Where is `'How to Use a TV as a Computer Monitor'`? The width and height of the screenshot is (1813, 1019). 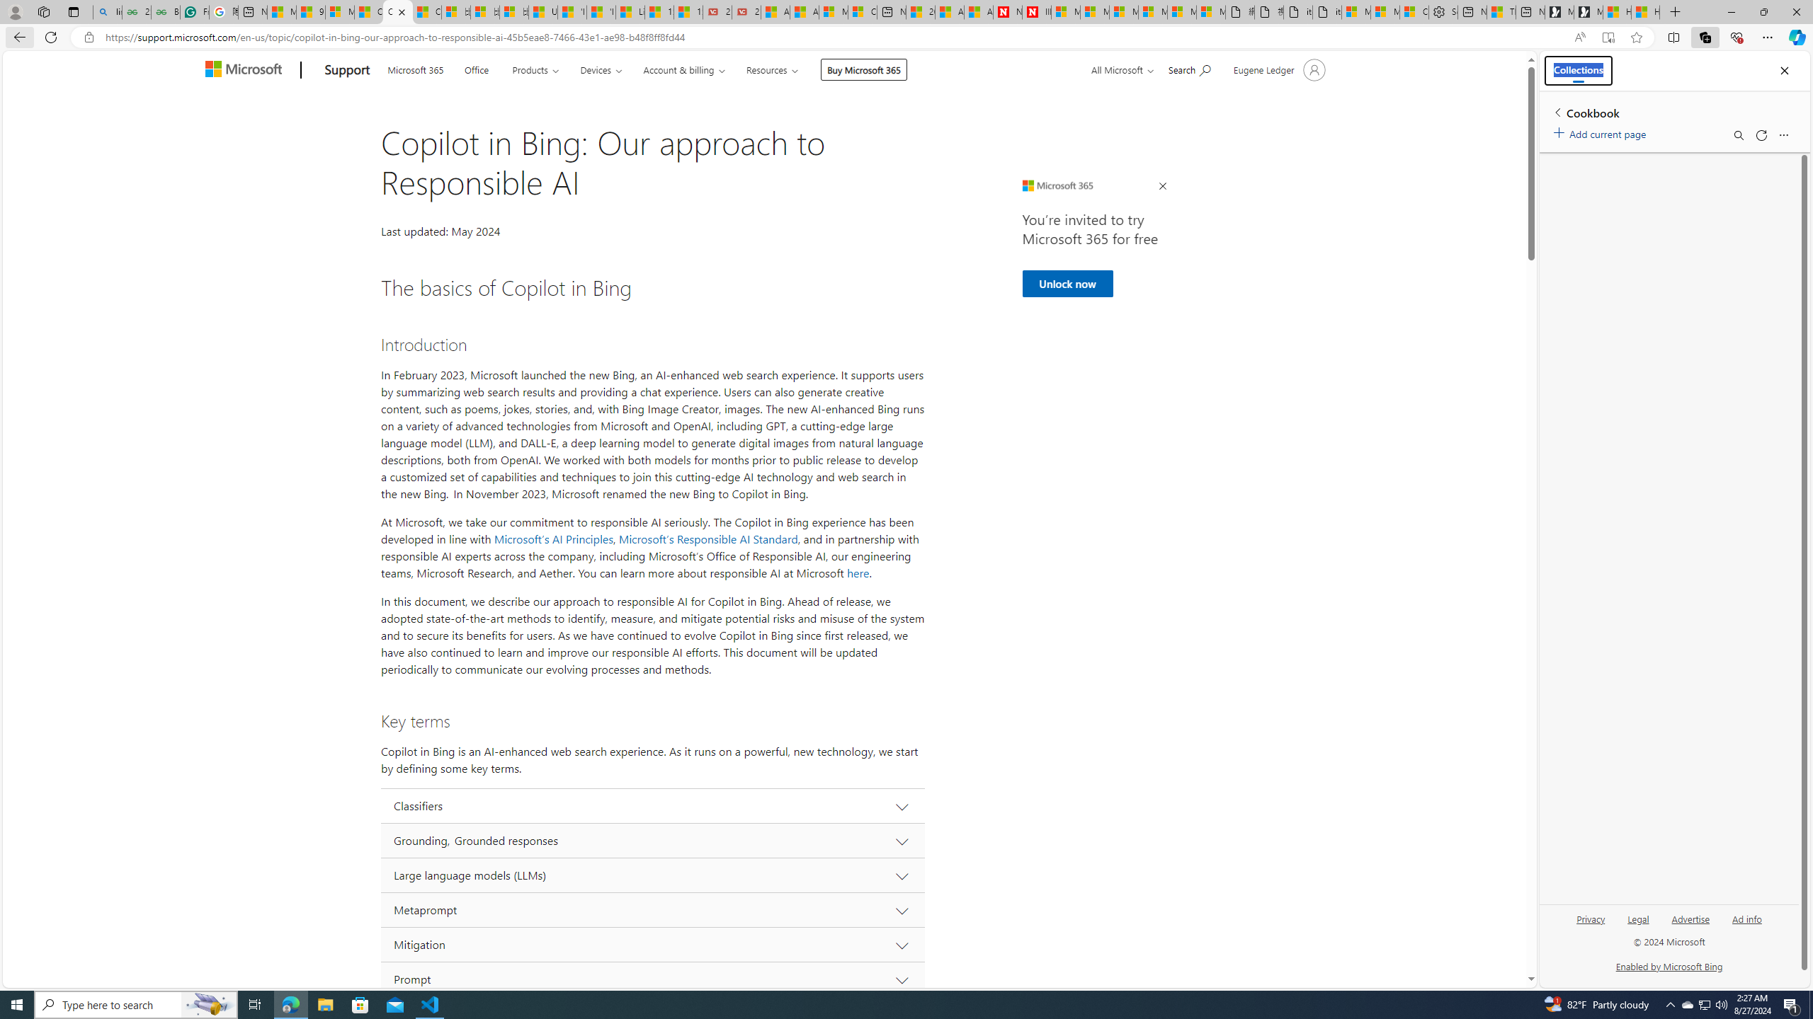 'How to Use a TV as a Computer Monitor' is located at coordinates (1645, 11).